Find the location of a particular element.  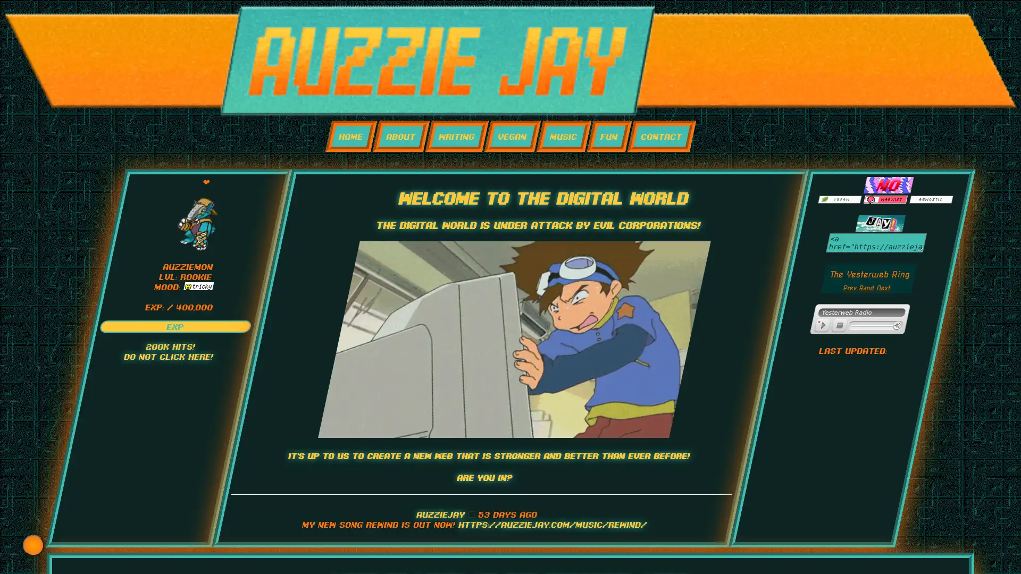

MUSIC is located at coordinates (563, 136).